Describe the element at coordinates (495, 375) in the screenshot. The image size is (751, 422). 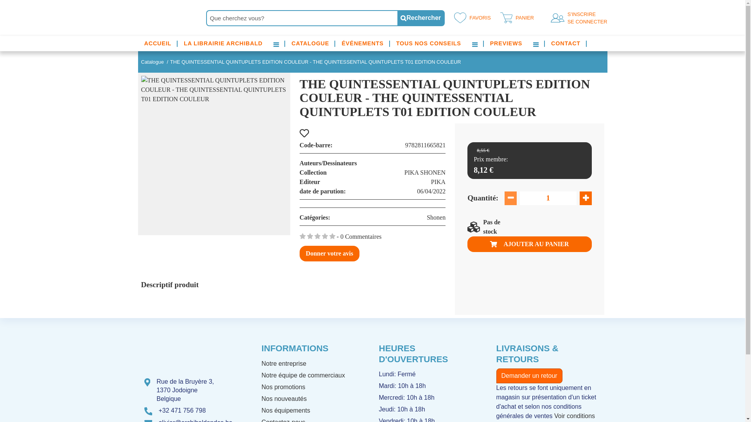
I see `'Demander un retour'` at that location.